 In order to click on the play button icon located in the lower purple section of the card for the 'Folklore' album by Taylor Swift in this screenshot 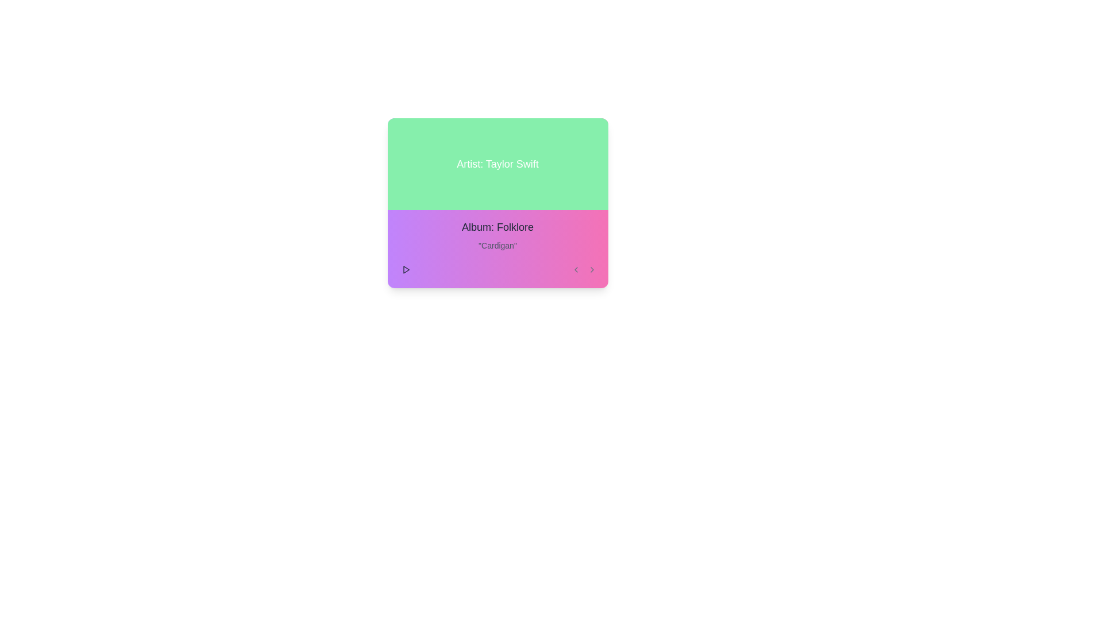, I will do `click(406, 270)`.